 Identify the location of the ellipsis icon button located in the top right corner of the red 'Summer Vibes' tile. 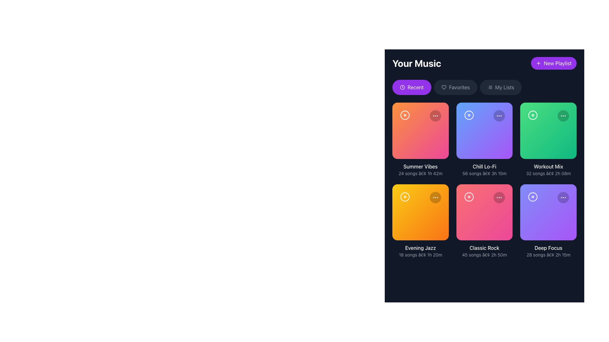
(435, 116).